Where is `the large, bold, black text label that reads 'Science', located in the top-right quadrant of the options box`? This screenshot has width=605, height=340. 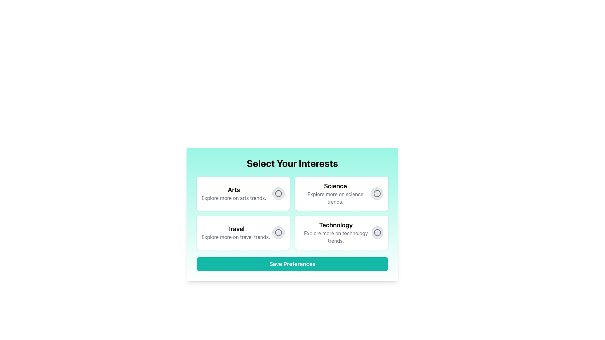 the large, bold, black text label that reads 'Science', located in the top-right quadrant of the options box is located at coordinates (335, 185).